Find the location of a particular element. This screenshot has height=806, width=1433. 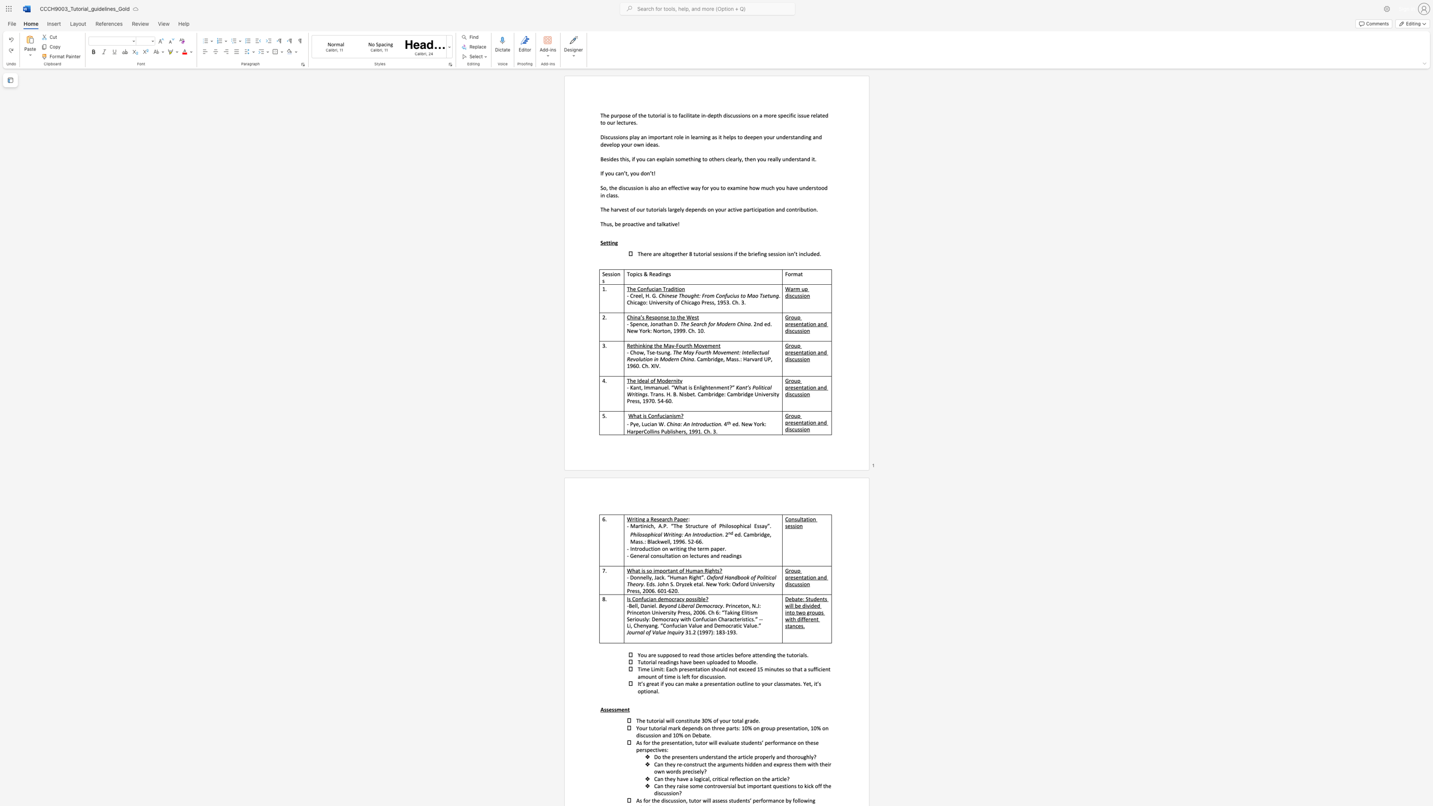

the subset text "the tutorial is to facilitate in-depth discussions on a more specific issue related to ou" within the text "The purpose of the tutorial is to facilitate in-depth discussions on a more specific issue related to our lectures." is located at coordinates (638, 115).